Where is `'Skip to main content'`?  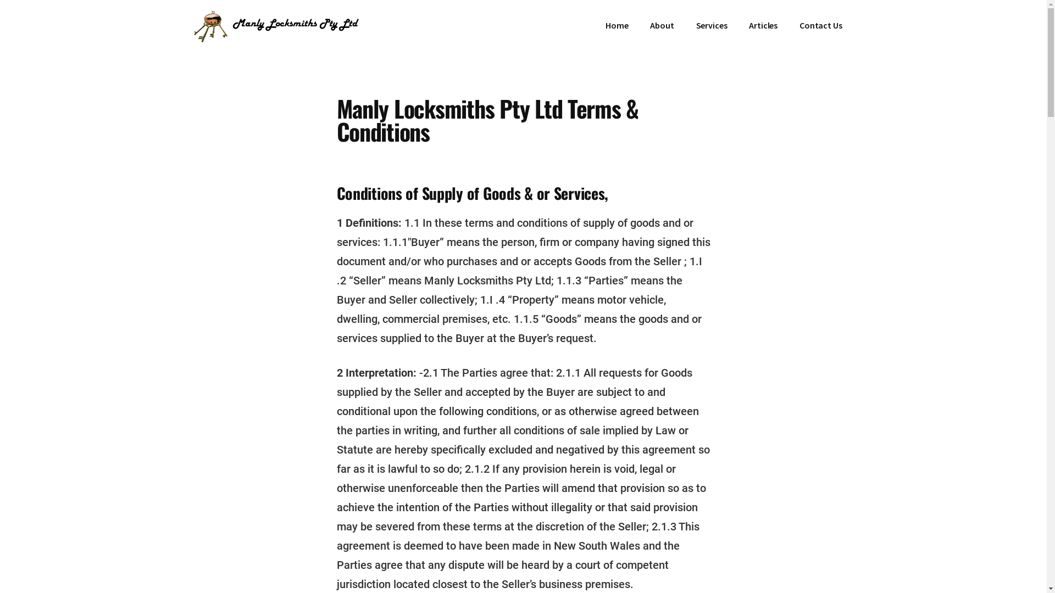
'Skip to main content' is located at coordinates (0, 0).